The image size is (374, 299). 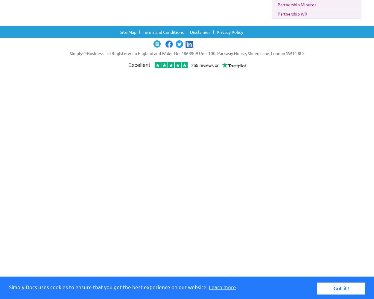 I want to click on 'Terms and Conditions', so click(x=163, y=32).